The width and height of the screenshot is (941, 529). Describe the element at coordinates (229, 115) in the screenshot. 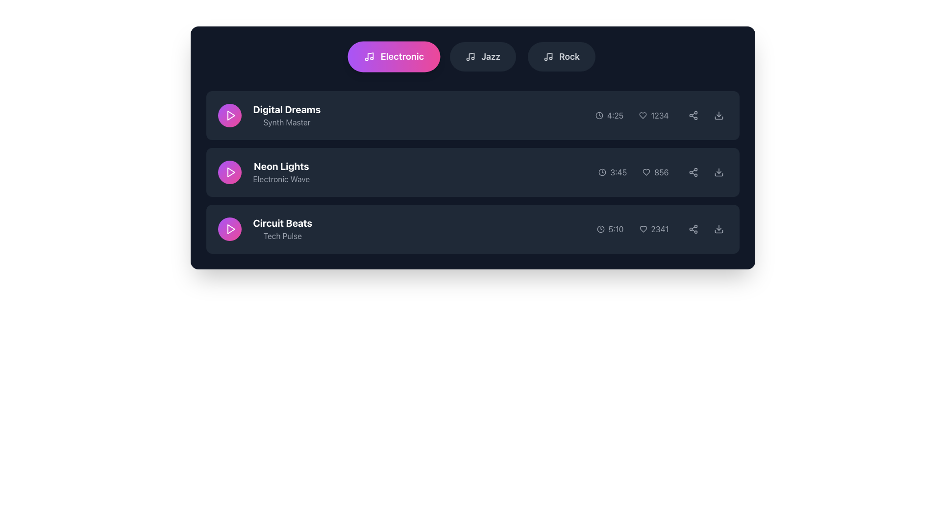

I see `the circular button with a gradient background and a white play icon` at that location.